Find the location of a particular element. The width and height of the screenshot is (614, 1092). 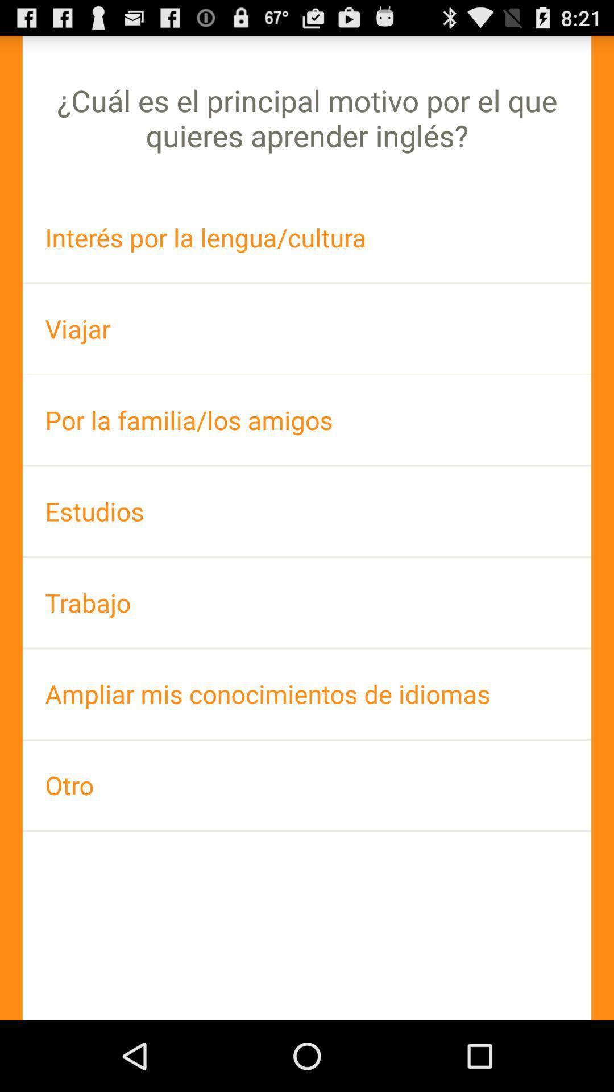

the icon below estudios is located at coordinates (307, 602).